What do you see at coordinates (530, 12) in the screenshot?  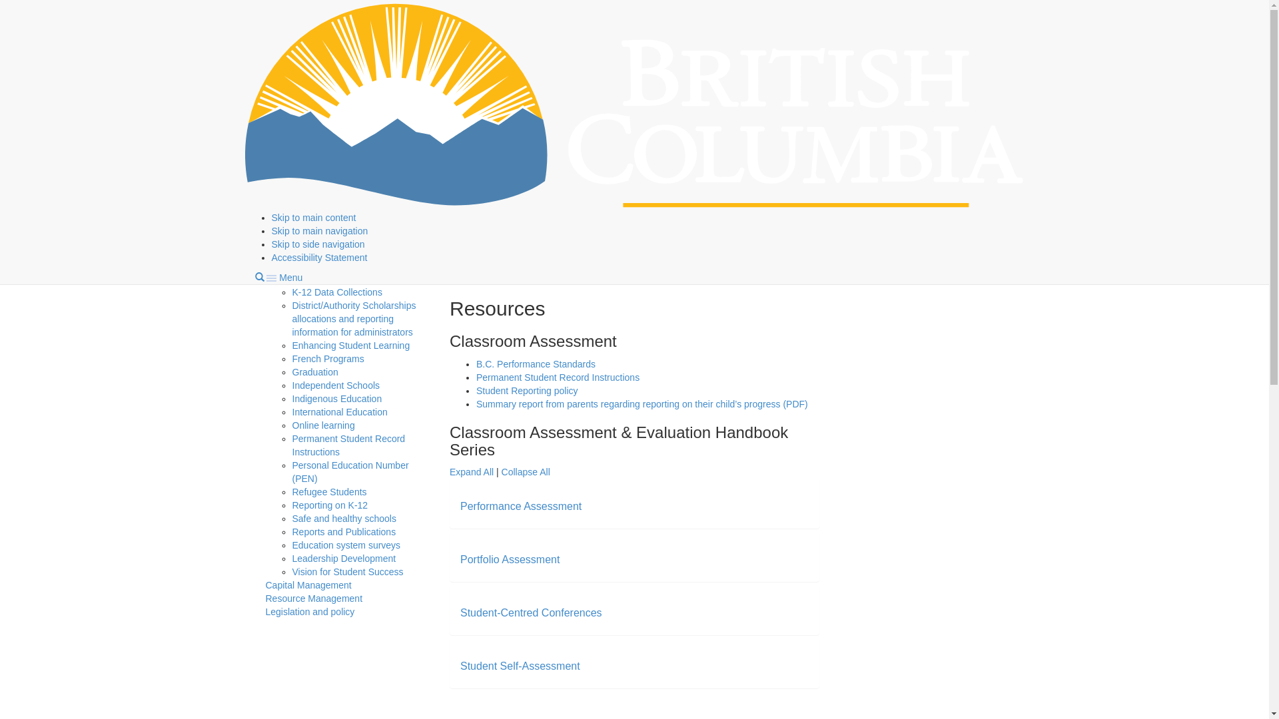 I see `'Administration'` at bounding box center [530, 12].